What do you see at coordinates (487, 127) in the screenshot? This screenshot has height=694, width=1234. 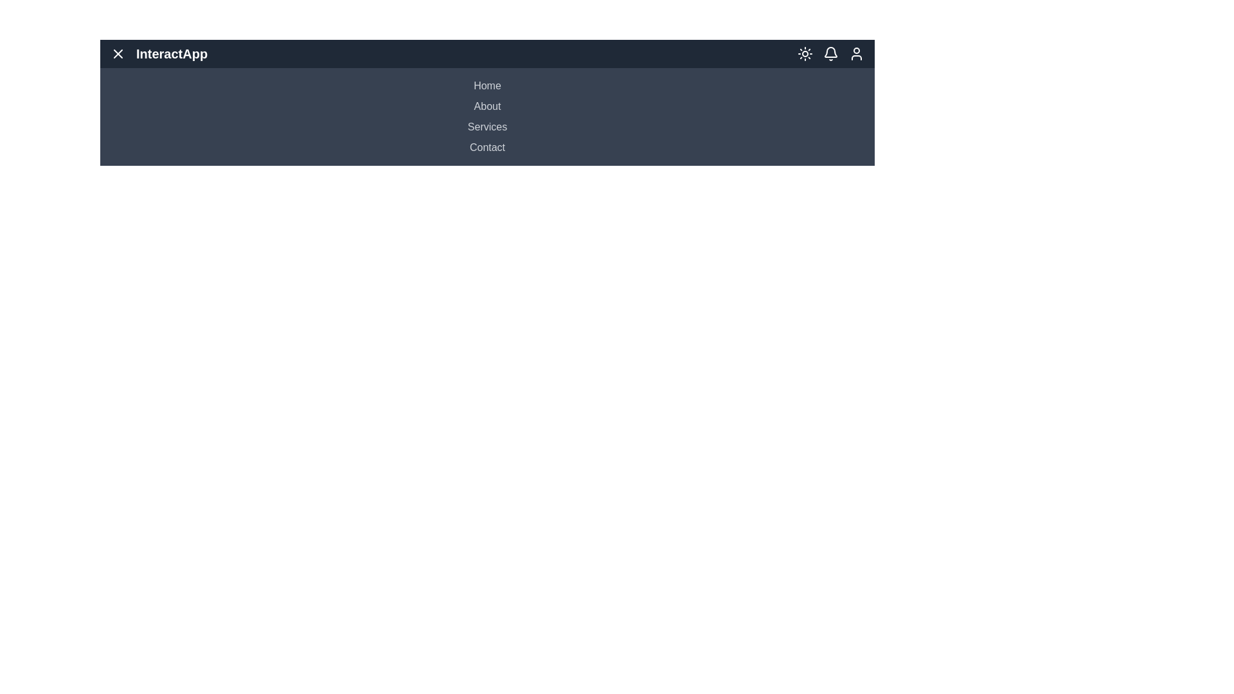 I see `the menu item Services to navigate to the respective section` at bounding box center [487, 127].